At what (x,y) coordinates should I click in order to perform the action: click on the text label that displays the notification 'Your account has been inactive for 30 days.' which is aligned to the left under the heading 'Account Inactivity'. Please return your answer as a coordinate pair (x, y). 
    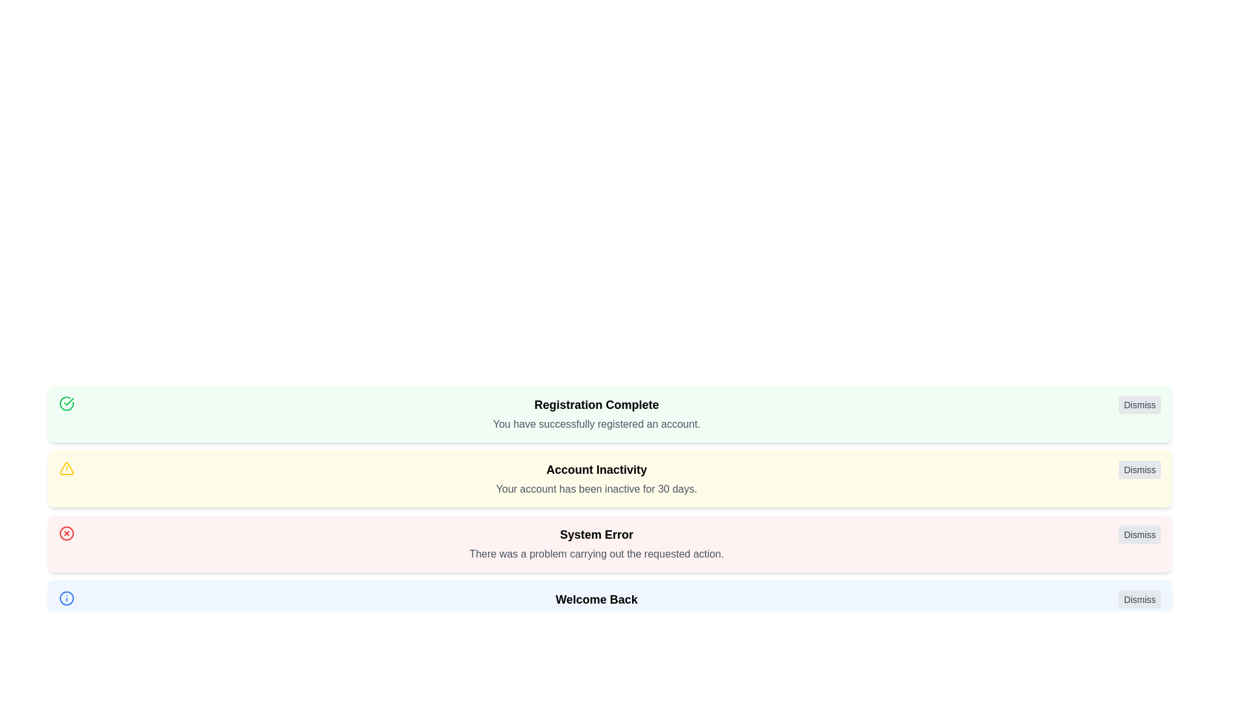
    Looking at the image, I should click on (596, 489).